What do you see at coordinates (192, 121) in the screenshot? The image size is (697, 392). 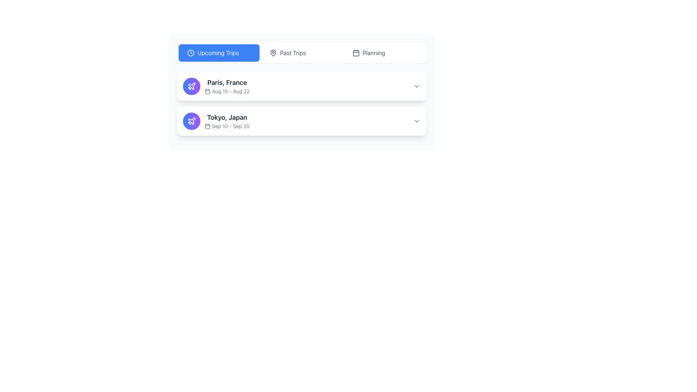 I see `the plane icon located in the first list item of the trip selector interface, adjacent to the text label 'Paris, France'` at bounding box center [192, 121].